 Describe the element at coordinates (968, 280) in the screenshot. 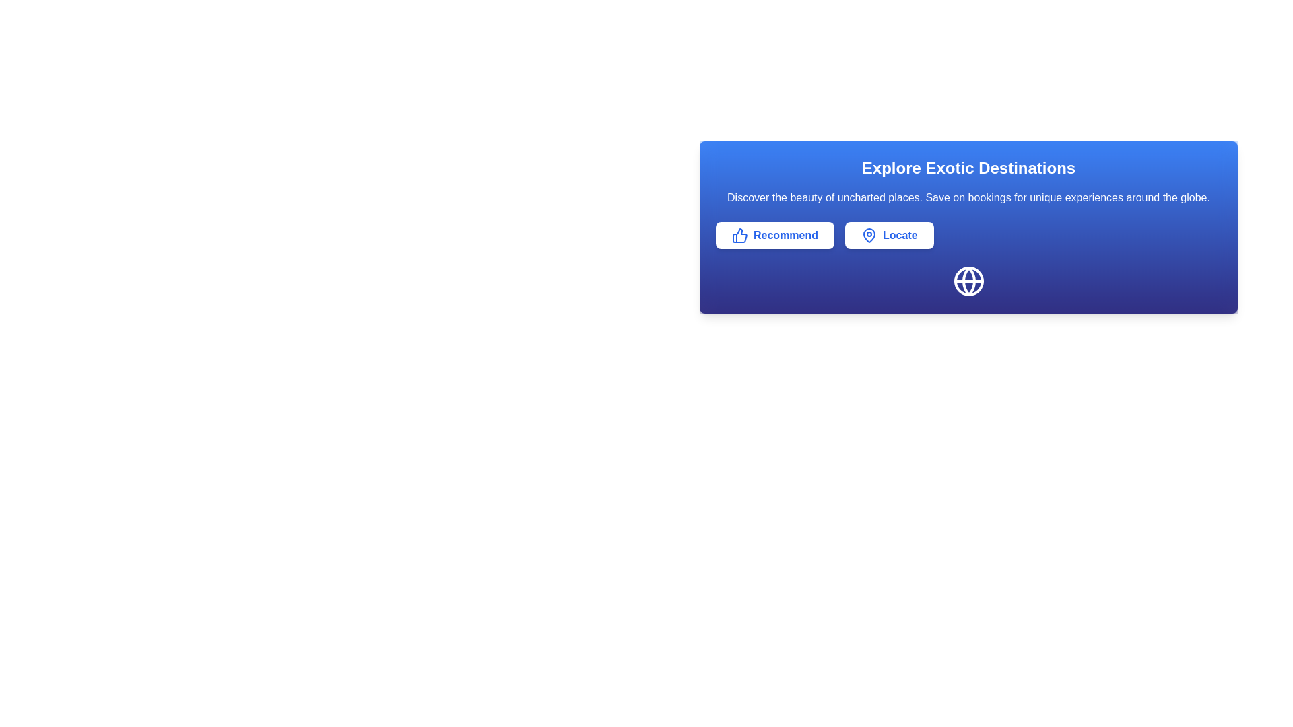

I see `the circular globe icon with a white outline and latitude and longitude lines, located at the center-bottom of the blue card containing the title 'Explore Exotic Destinations' and buttons labeled 'Recommend' and 'Locate'` at that location.